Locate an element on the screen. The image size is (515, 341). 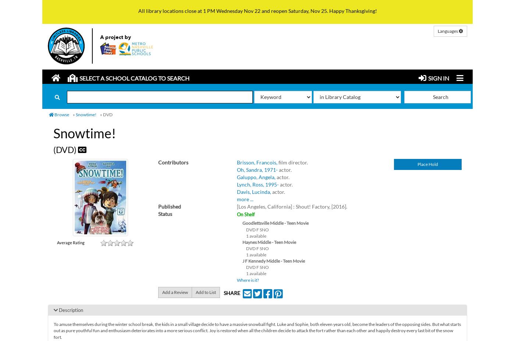
'Kid's Catalog' is located at coordinates (396, 133).